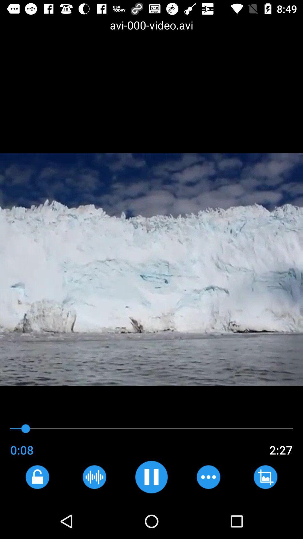 This screenshot has height=539, width=303. Describe the element at coordinates (94, 477) in the screenshot. I see `listen audio` at that location.